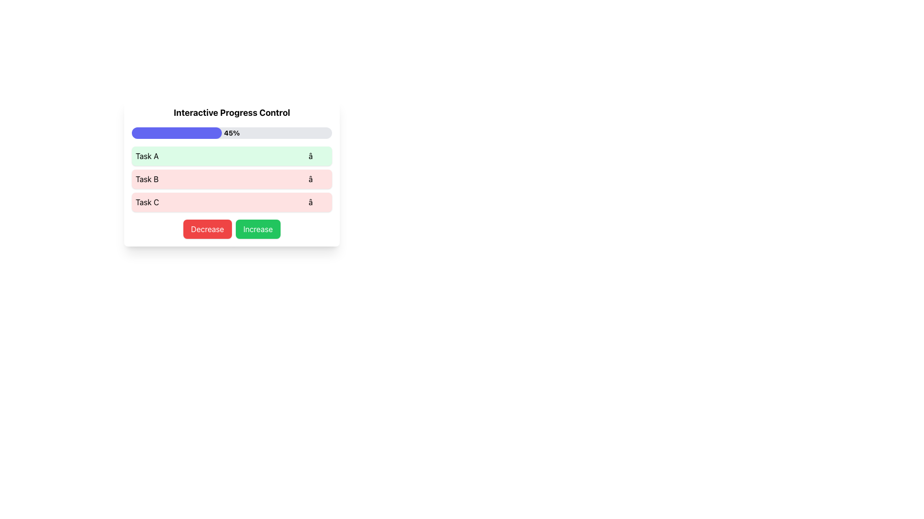  Describe the element at coordinates (231, 133) in the screenshot. I see `the Progress Bar element displaying '45%' which is located below the title 'Interactive Progress Control'` at that location.